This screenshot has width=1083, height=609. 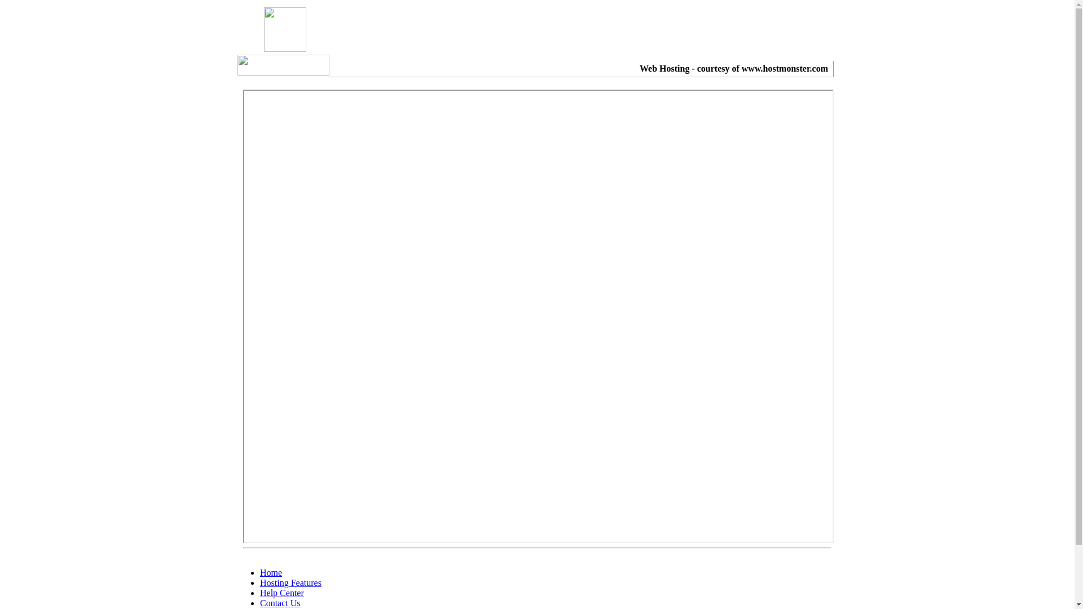 What do you see at coordinates (271, 572) in the screenshot?
I see `'Home'` at bounding box center [271, 572].